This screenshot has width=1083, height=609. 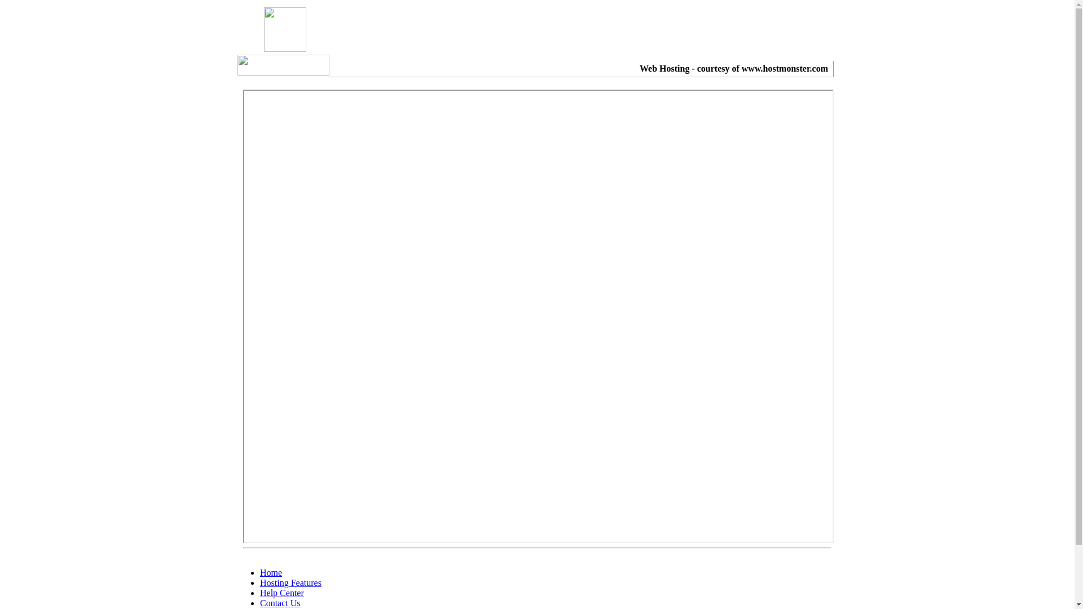 What do you see at coordinates (271, 572) in the screenshot?
I see `'Home'` at bounding box center [271, 572].